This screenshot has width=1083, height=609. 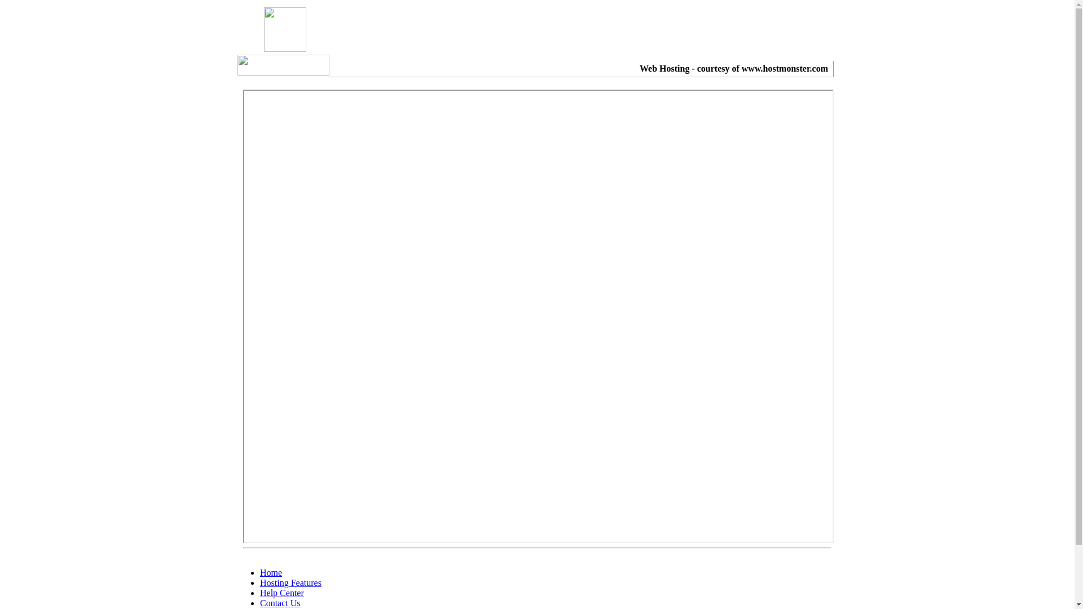 What do you see at coordinates (271, 572) in the screenshot?
I see `'Home'` at bounding box center [271, 572].